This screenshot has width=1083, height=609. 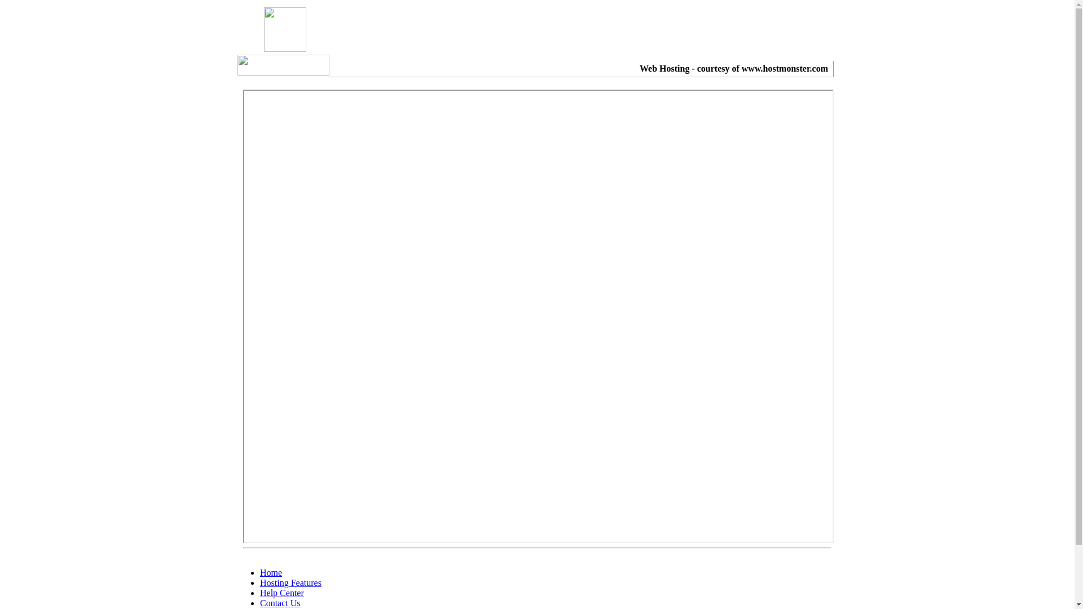 What do you see at coordinates (271, 572) in the screenshot?
I see `'Home'` at bounding box center [271, 572].